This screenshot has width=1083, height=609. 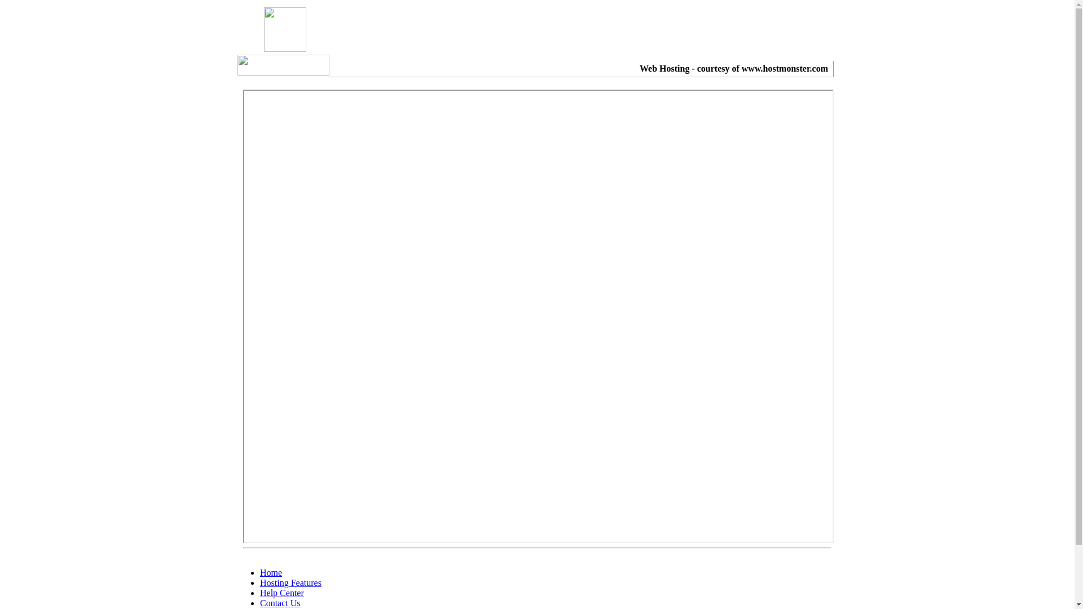 What do you see at coordinates (271, 572) in the screenshot?
I see `'Home'` at bounding box center [271, 572].